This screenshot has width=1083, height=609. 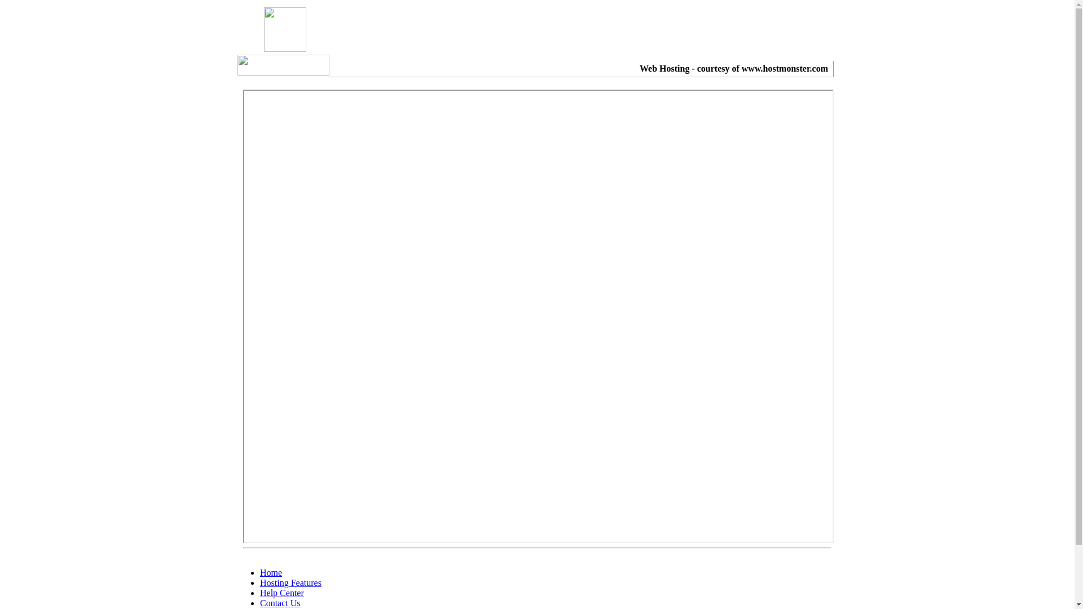 What do you see at coordinates (271, 572) in the screenshot?
I see `'Home'` at bounding box center [271, 572].